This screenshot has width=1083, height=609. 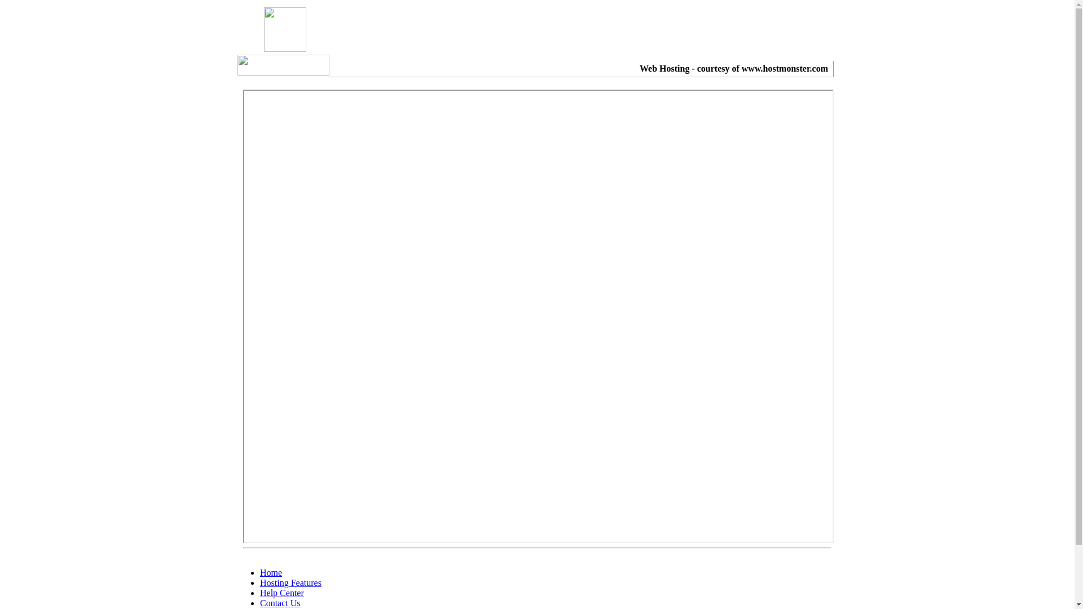 What do you see at coordinates (271, 572) in the screenshot?
I see `'Home'` at bounding box center [271, 572].